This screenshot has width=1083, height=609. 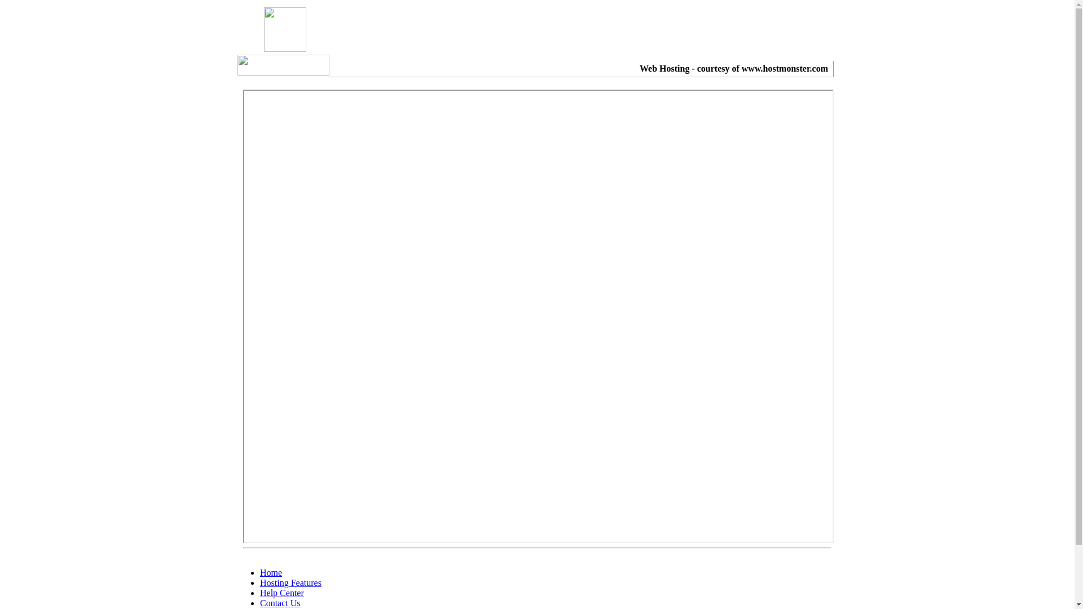 What do you see at coordinates (271, 572) in the screenshot?
I see `'Home'` at bounding box center [271, 572].